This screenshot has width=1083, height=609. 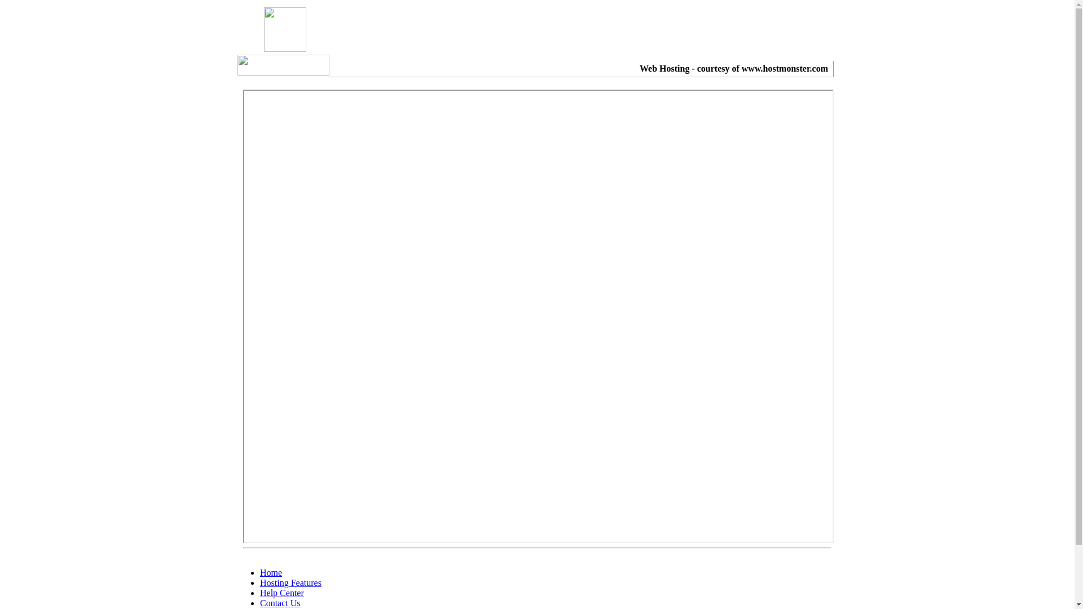 What do you see at coordinates (271, 572) in the screenshot?
I see `'Home'` at bounding box center [271, 572].